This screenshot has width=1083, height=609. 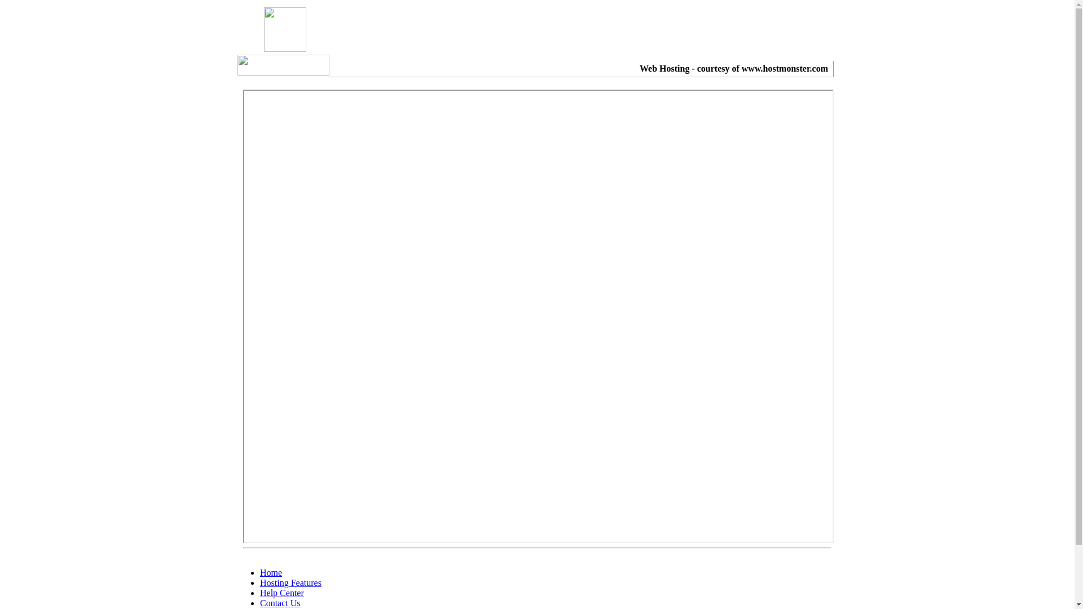 What do you see at coordinates (271, 572) in the screenshot?
I see `'Home'` at bounding box center [271, 572].